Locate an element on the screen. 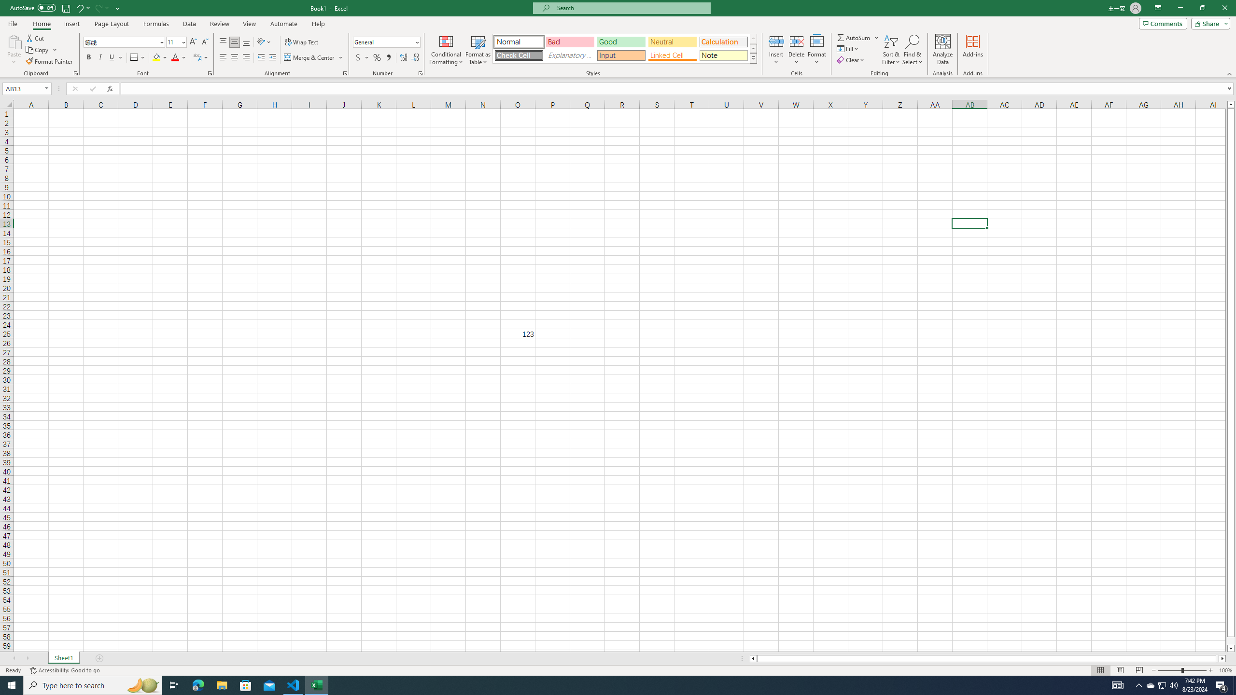 The height and width of the screenshot is (695, 1236). 'Column right' is located at coordinates (1222, 658).